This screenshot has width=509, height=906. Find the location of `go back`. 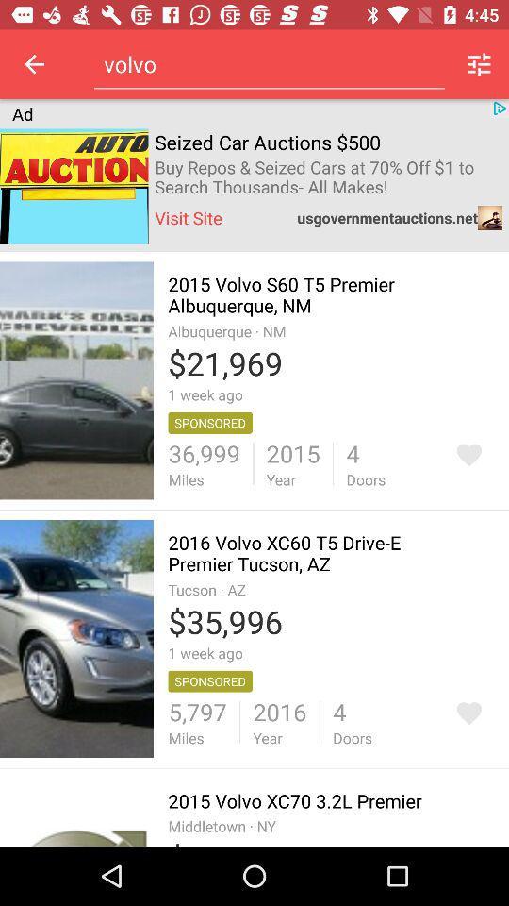

go back is located at coordinates (34, 64).